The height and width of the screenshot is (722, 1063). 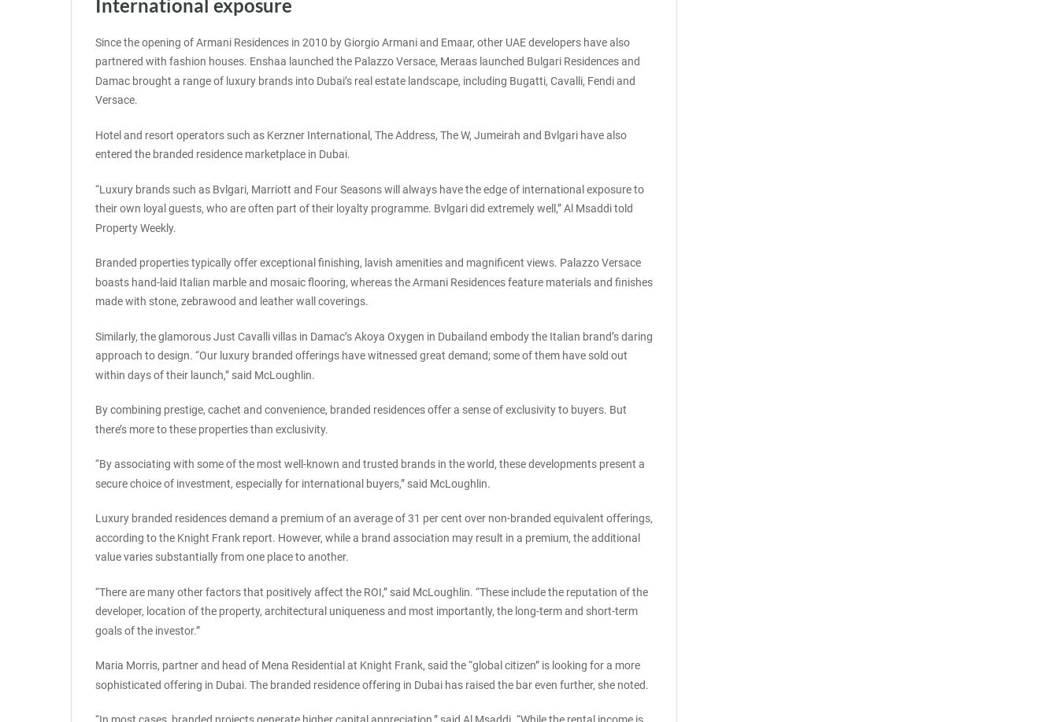 I want to click on '“By associating with some of the most well-known and trusted brands in the world, these developments present a secure choice of investment, especially for international buyers,” said McLoughlin.', so click(x=94, y=473).